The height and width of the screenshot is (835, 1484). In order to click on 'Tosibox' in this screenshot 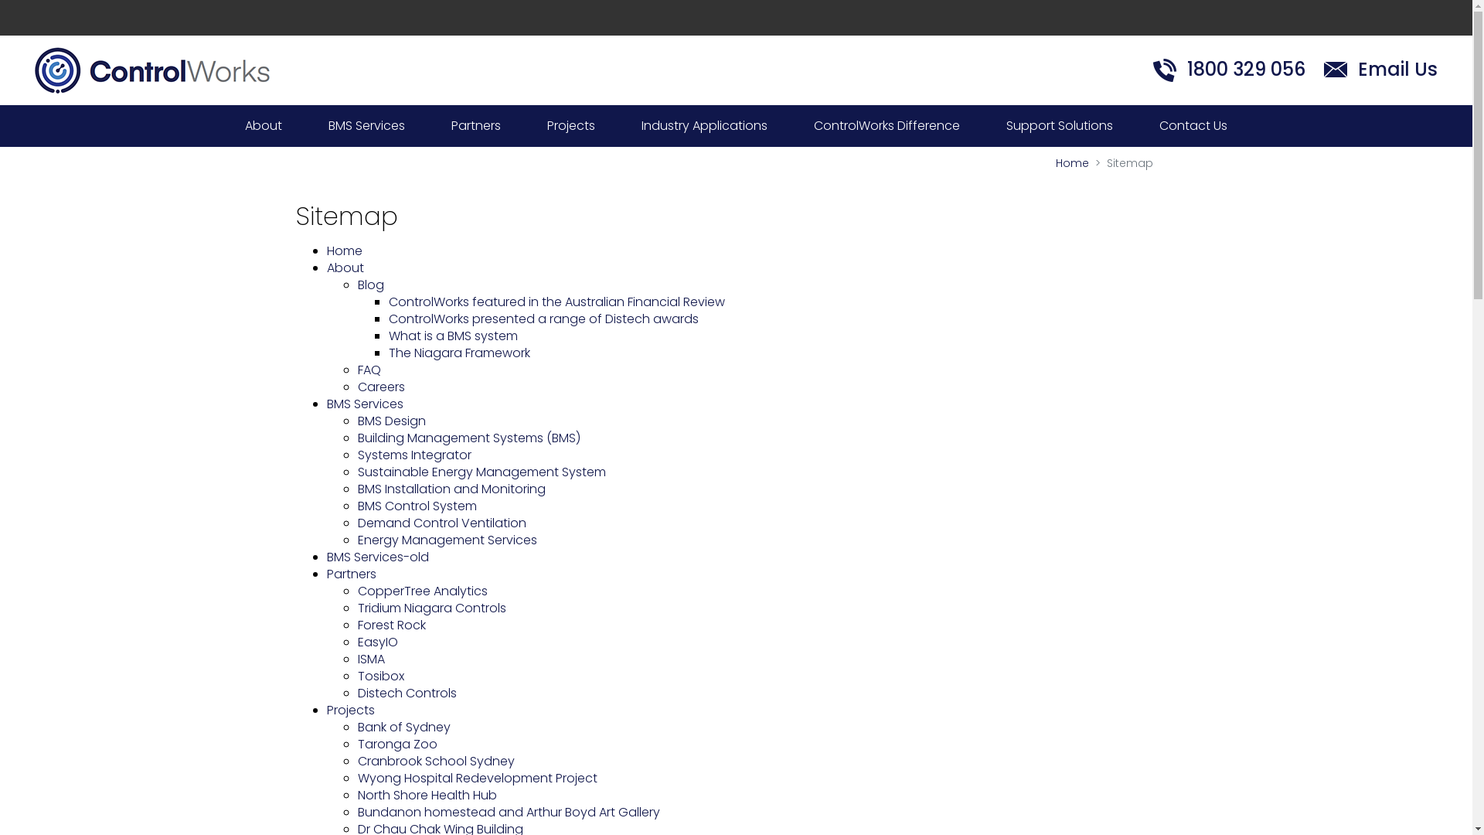, I will do `click(356, 675)`.